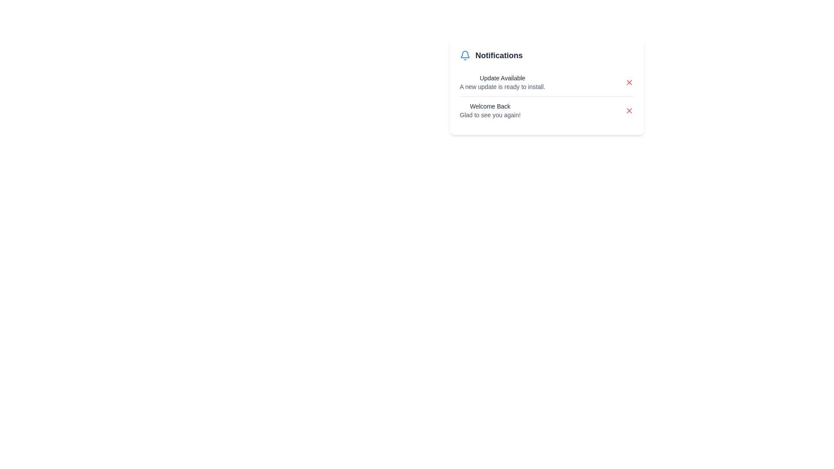 The image size is (834, 469). What do you see at coordinates (629, 82) in the screenshot?
I see `the red 'X' icon button located at the top-right corner of the notification card that indicates 'Update Available' to observe visual feedback` at bounding box center [629, 82].